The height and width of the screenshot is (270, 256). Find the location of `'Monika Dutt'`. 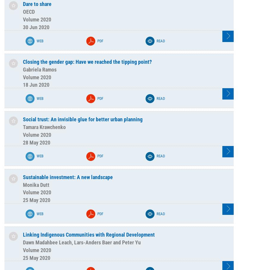

'Monika Dutt' is located at coordinates (36, 184).